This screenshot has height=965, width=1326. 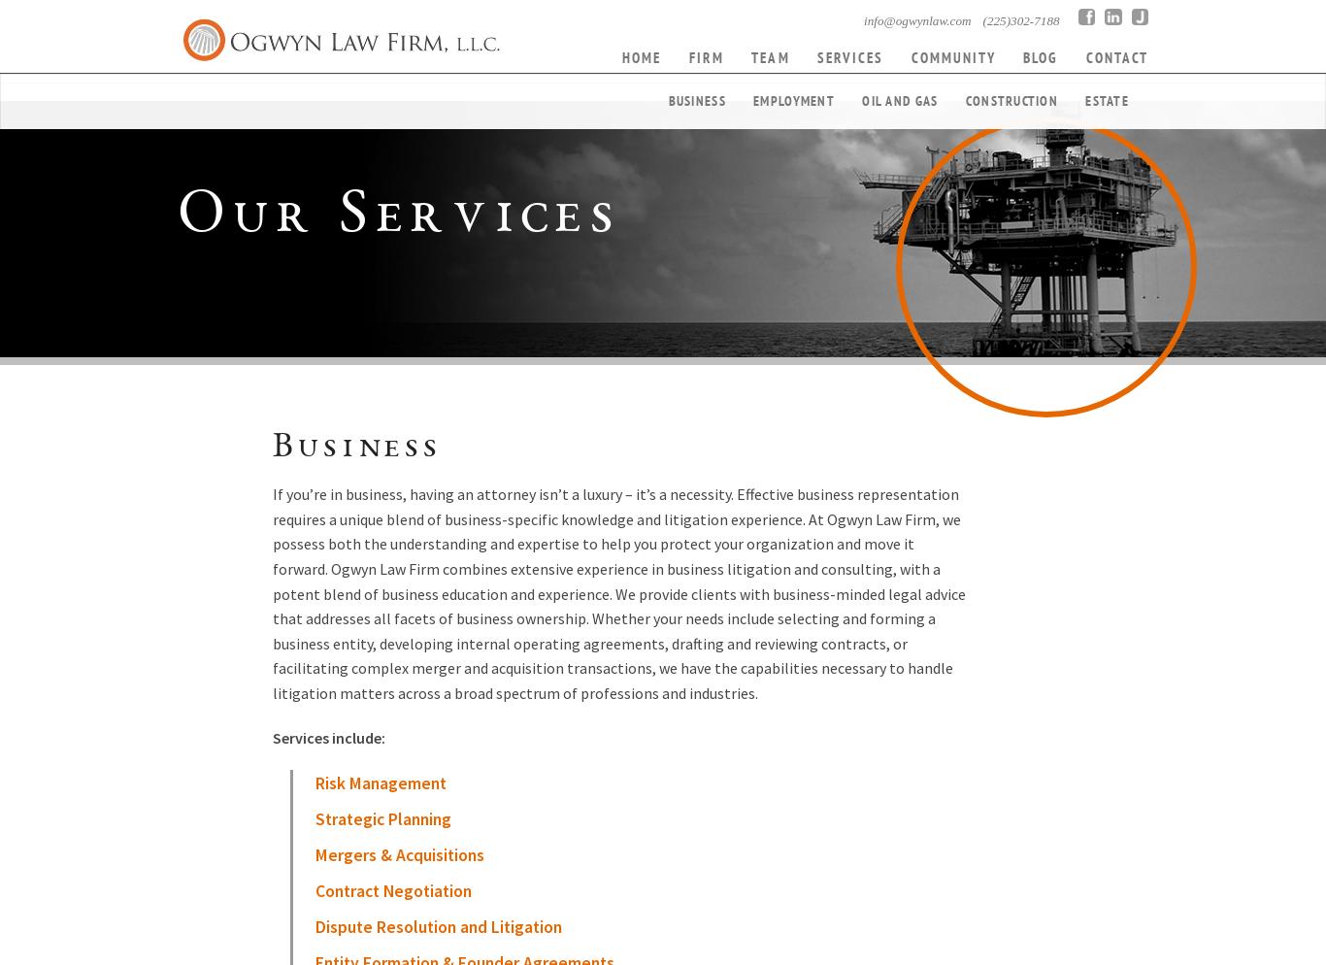 I want to click on 'Our Services', so click(x=398, y=217).